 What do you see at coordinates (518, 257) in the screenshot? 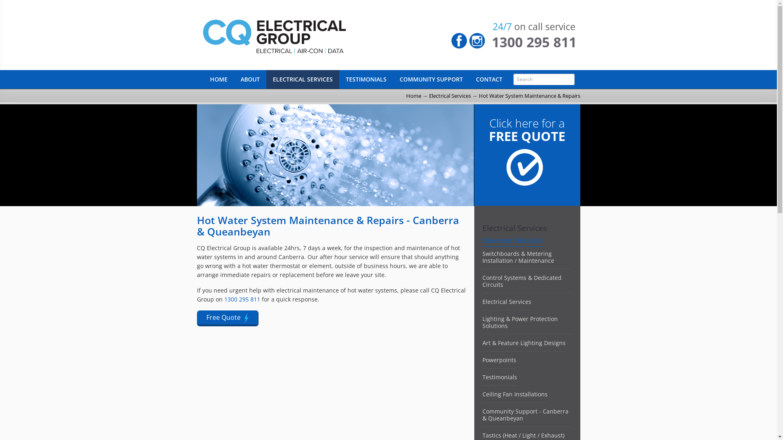
I see `'Switchboards & Metering Installation / Maintenance'` at bounding box center [518, 257].